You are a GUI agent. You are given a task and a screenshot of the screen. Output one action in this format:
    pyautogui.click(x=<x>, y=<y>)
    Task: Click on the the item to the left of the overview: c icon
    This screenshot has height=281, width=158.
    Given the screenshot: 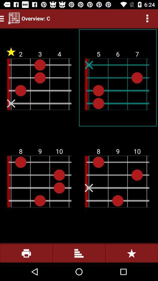 What is the action you would take?
    pyautogui.click(x=14, y=18)
    